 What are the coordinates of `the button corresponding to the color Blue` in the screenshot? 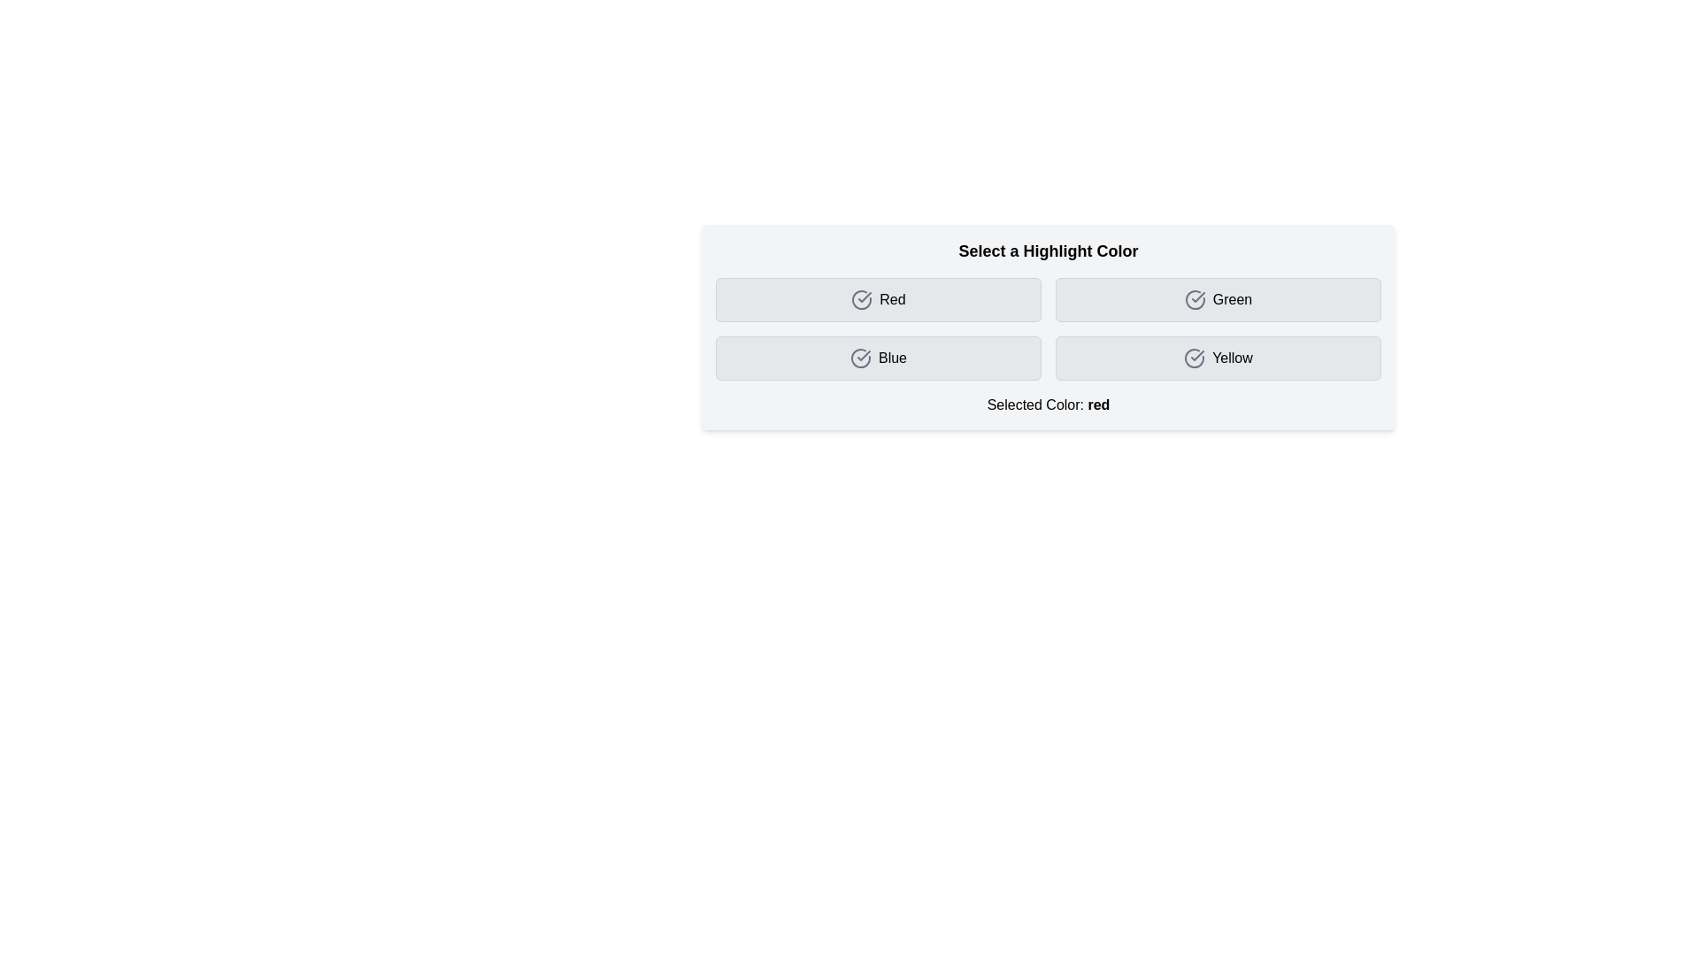 It's located at (879, 358).